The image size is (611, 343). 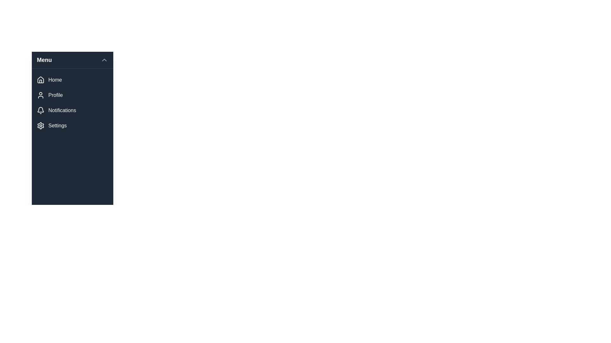 I want to click on the button in the top-right corner of the menu header, so click(x=104, y=60).